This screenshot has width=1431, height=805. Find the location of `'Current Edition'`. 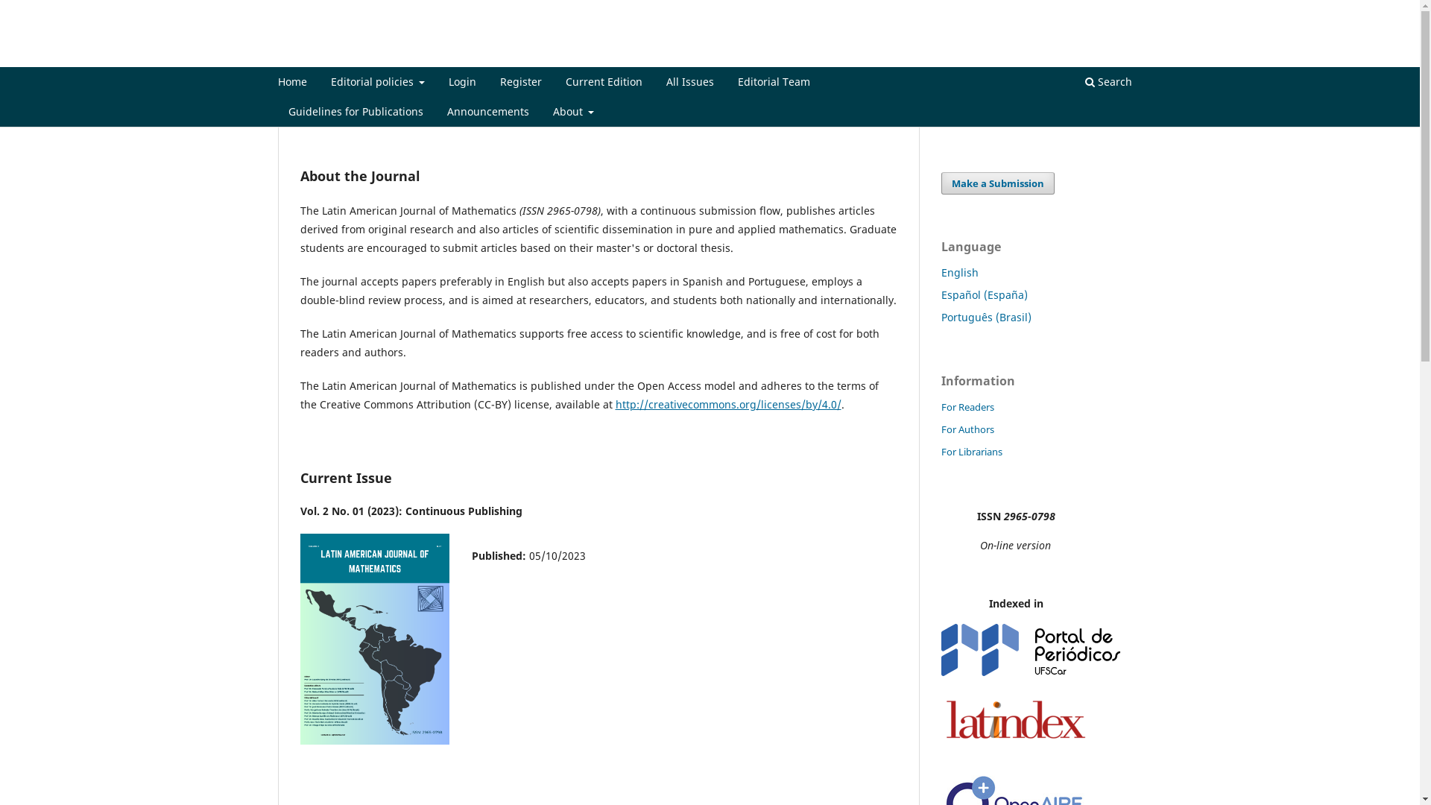

'Current Edition' is located at coordinates (604, 83).